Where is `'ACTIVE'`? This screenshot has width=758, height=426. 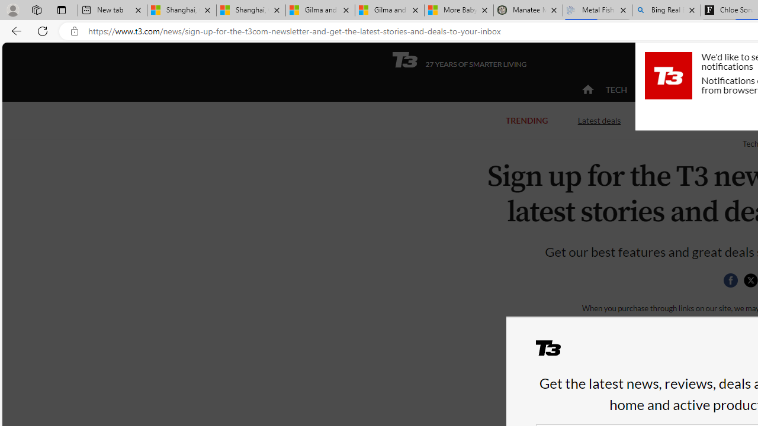 'ACTIVE' is located at coordinates (666, 89).